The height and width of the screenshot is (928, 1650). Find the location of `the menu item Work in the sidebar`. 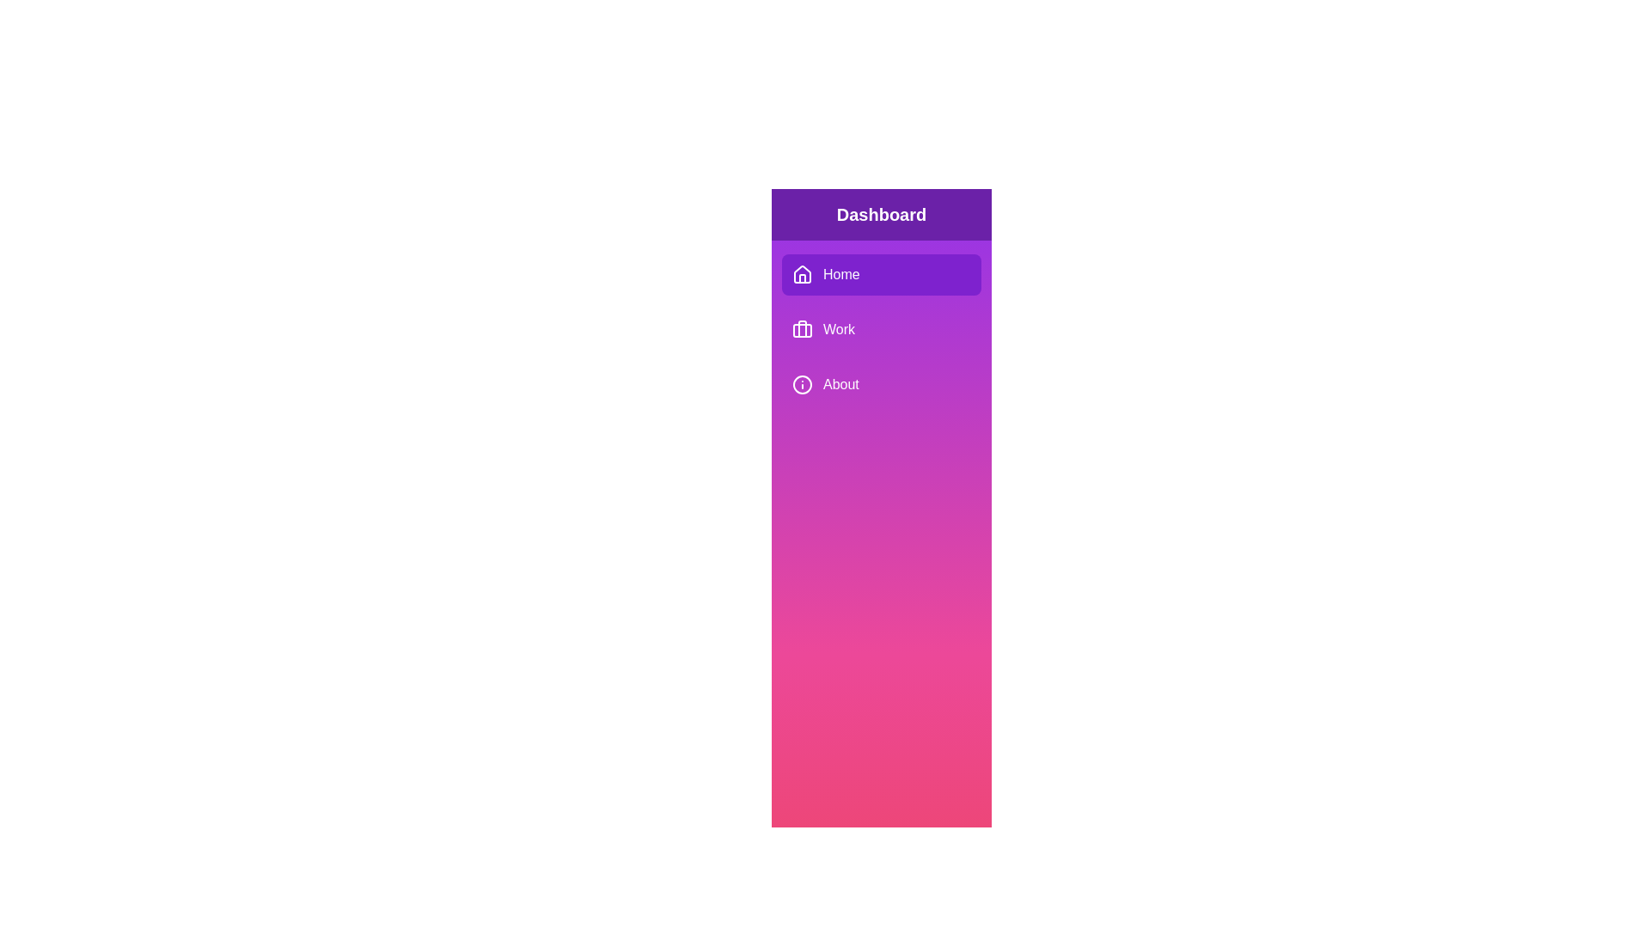

the menu item Work in the sidebar is located at coordinates (882, 330).